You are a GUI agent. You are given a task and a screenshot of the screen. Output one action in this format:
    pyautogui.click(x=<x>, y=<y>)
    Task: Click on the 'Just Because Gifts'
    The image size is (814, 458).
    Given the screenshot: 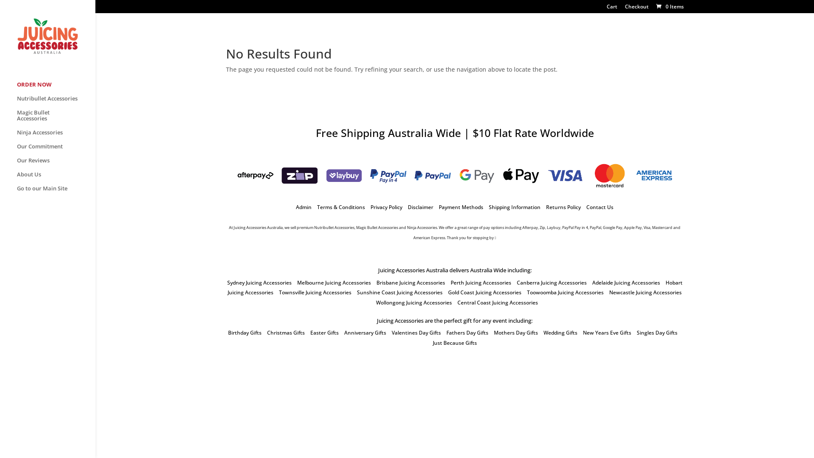 What is the action you would take?
    pyautogui.click(x=454, y=342)
    